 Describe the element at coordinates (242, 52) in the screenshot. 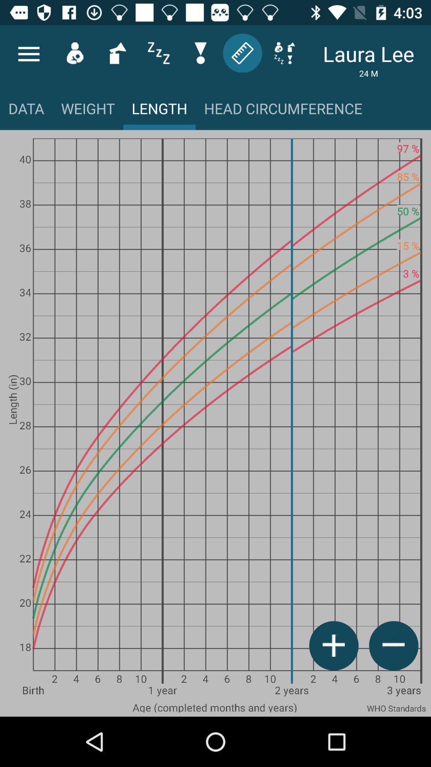

I see `the label icon` at that location.